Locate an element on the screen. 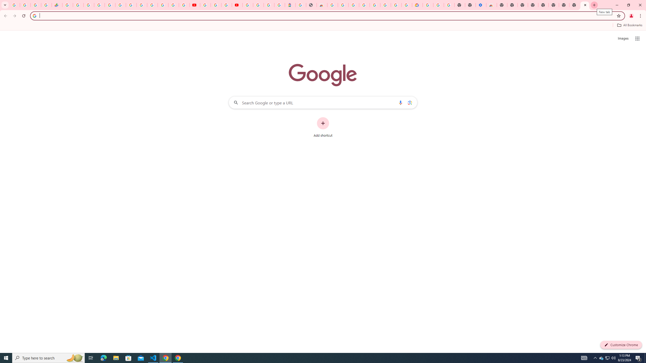  'New Tab' is located at coordinates (564, 5).